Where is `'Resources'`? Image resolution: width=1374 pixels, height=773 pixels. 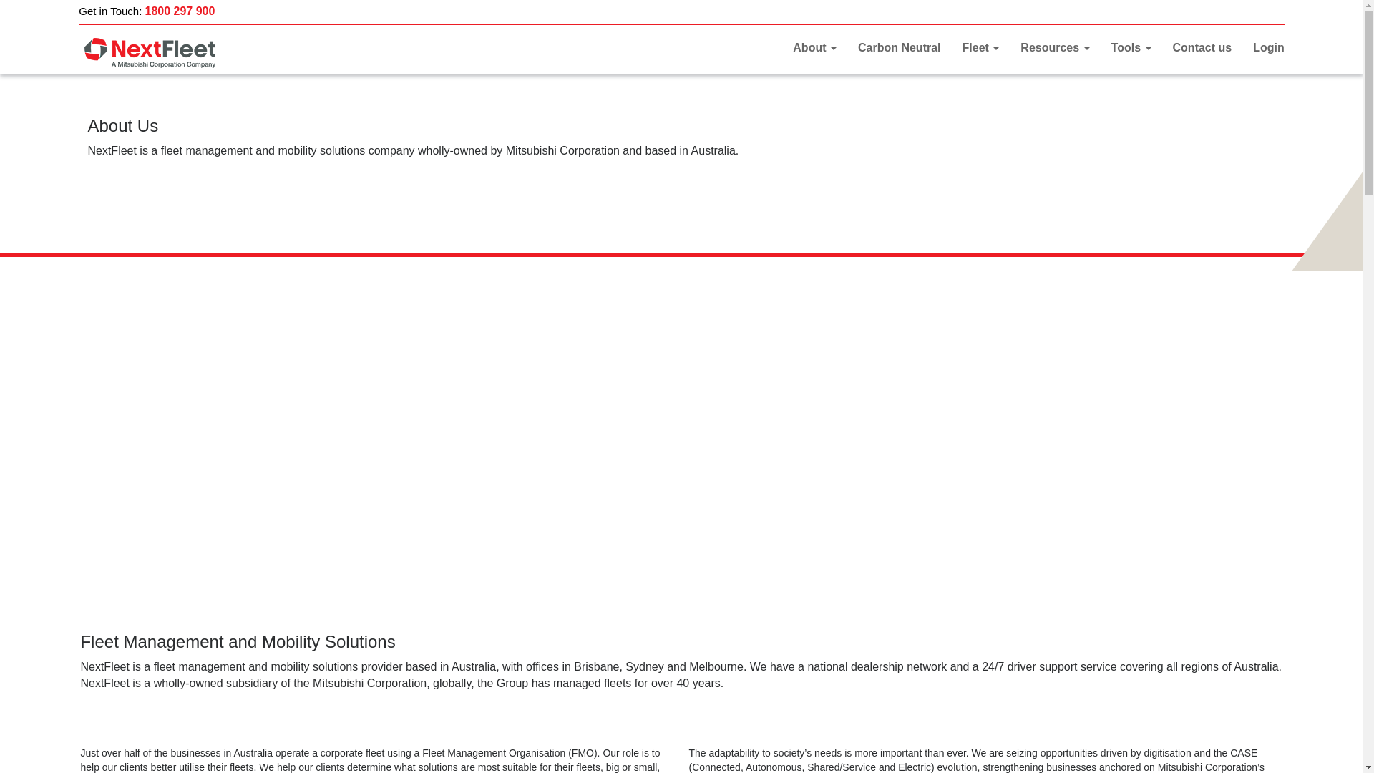
'Resources' is located at coordinates (1054, 46).